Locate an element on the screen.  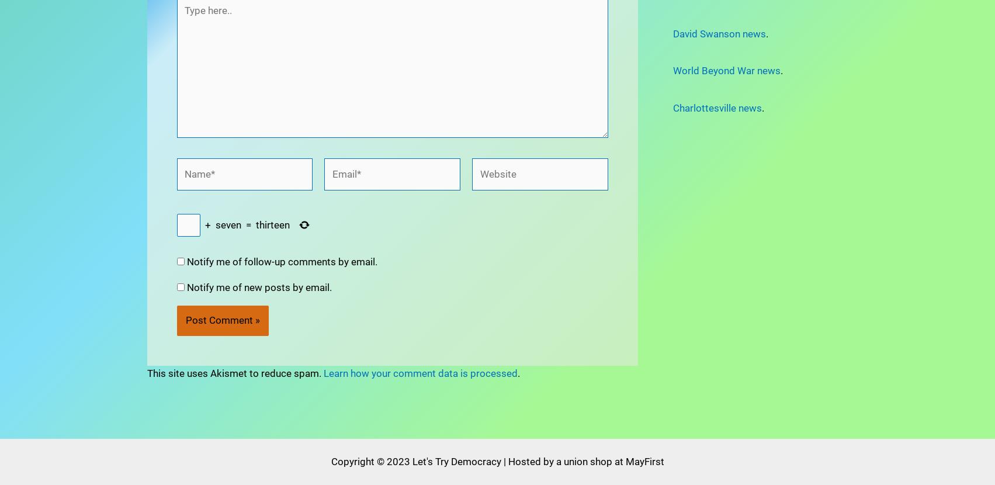
'=' is located at coordinates (248, 192).